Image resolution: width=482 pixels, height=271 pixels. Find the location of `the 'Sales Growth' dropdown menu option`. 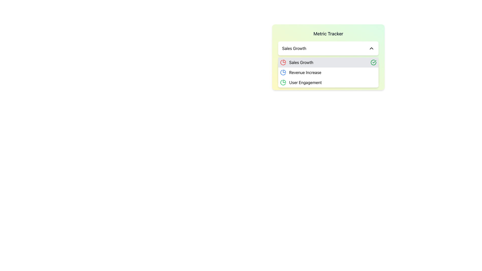

the 'Sales Growth' dropdown menu option is located at coordinates (328, 62).